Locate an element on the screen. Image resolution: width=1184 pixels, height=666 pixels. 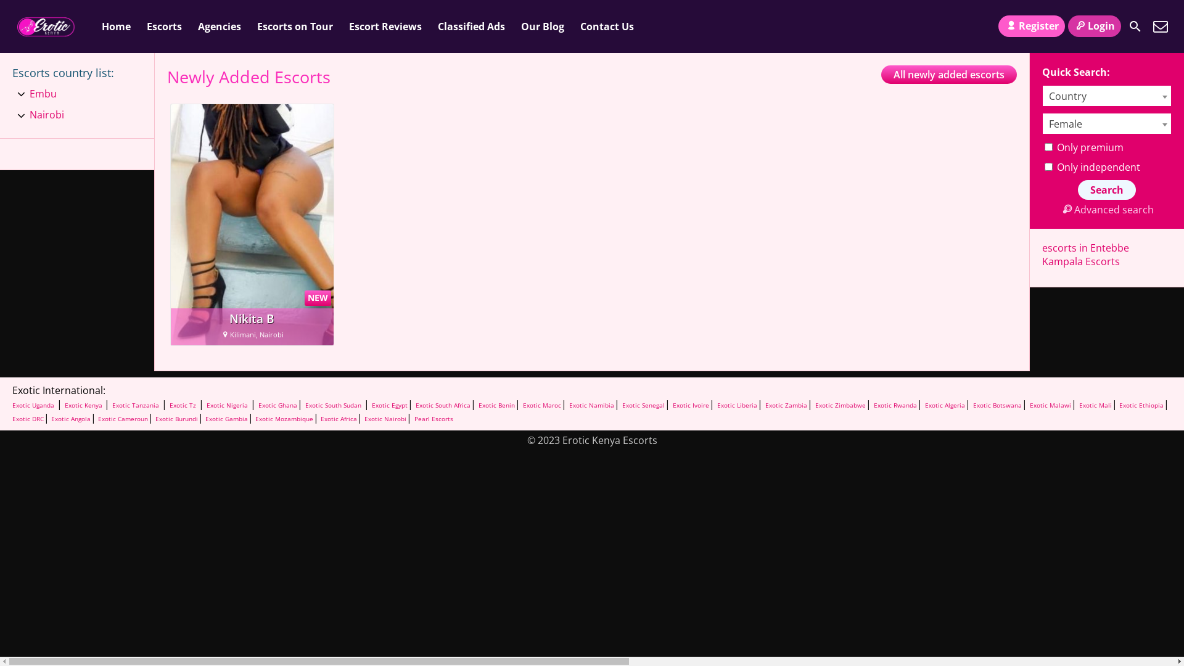
'Agencies' is located at coordinates (189, 27).